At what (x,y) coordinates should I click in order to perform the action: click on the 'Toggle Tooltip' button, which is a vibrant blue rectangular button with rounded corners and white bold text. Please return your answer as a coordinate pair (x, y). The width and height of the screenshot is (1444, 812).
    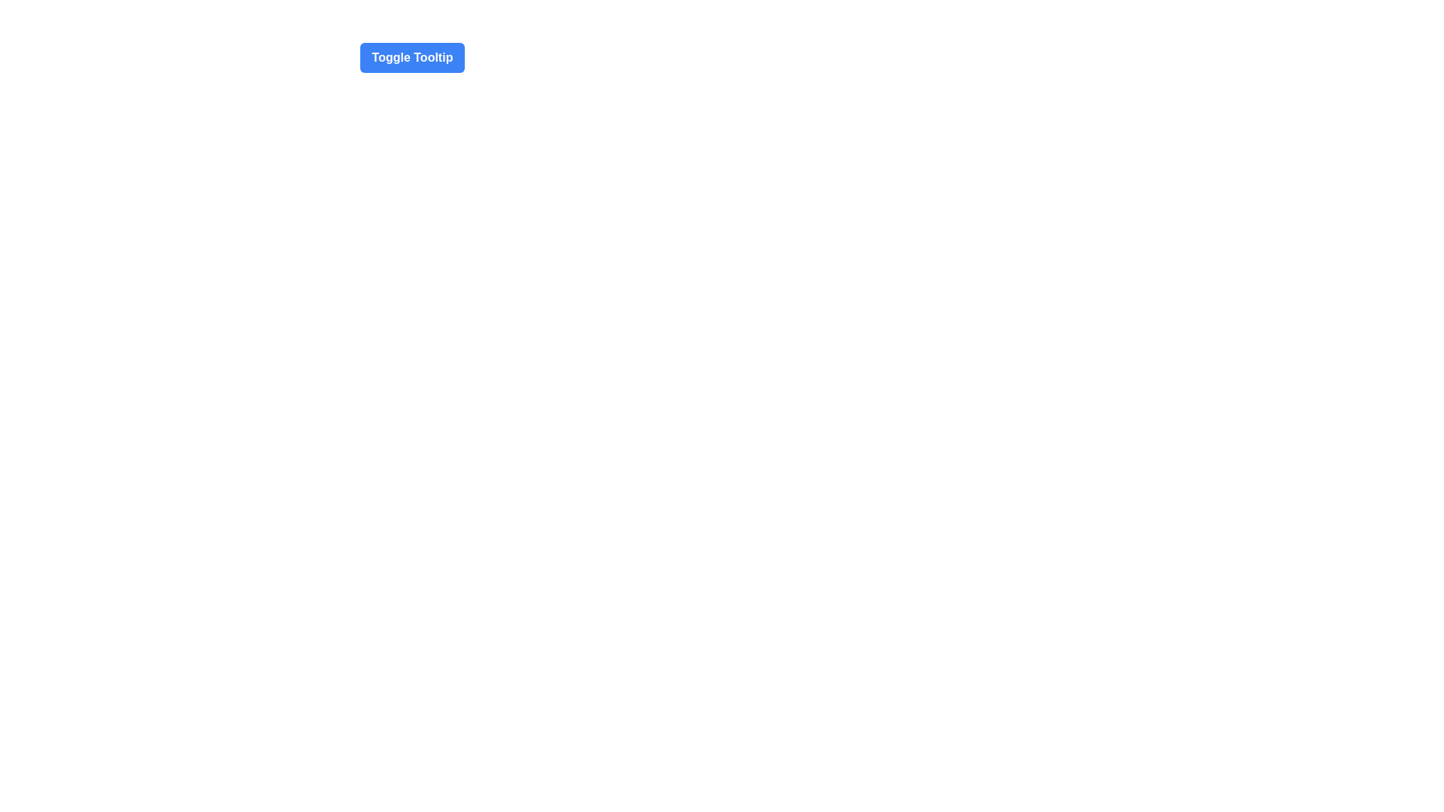
    Looking at the image, I should click on (412, 57).